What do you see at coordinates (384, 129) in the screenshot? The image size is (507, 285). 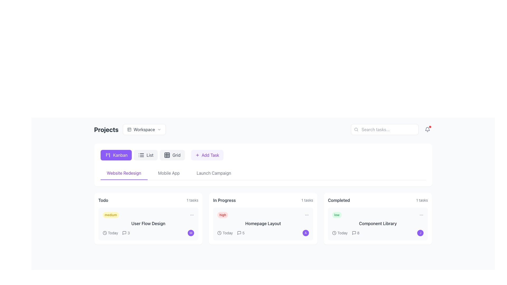 I see `the text input field for search queries located near the top-right corner of the interface` at bounding box center [384, 129].